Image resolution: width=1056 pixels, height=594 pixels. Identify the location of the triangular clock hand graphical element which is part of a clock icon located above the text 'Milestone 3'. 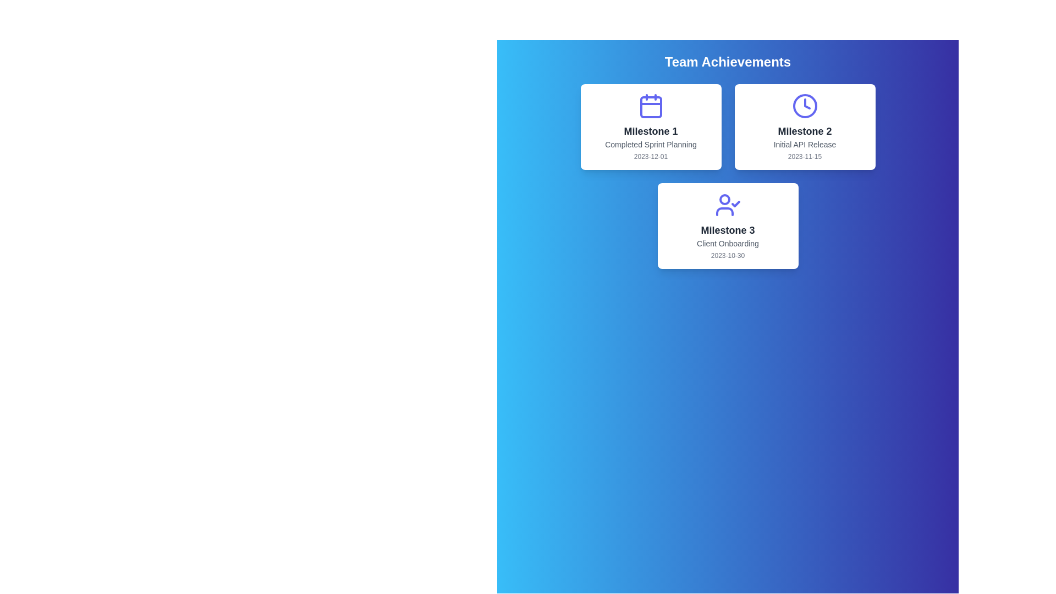
(807, 104).